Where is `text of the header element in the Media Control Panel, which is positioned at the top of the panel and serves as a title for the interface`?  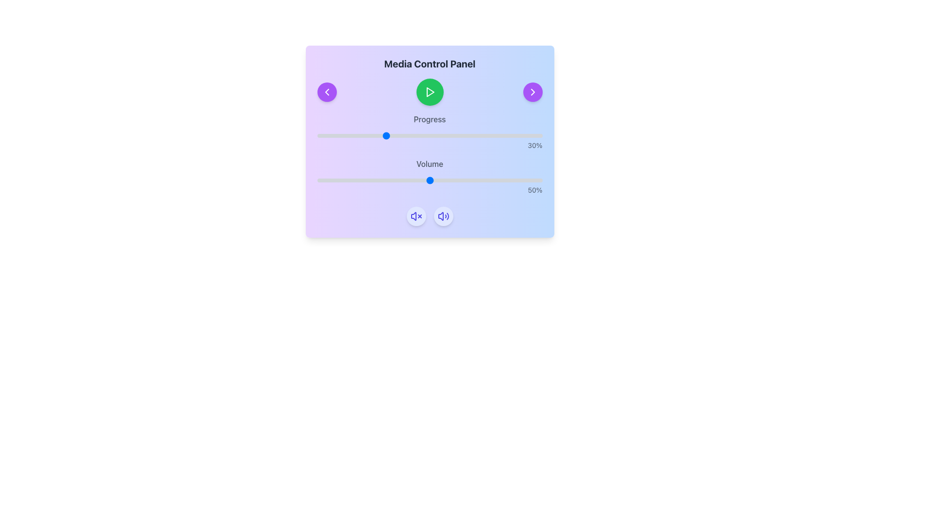 text of the header element in the Media Control Panel, which is positioned at the top of the panel and serves as a title for the interface is located at coordinates (429, 64).